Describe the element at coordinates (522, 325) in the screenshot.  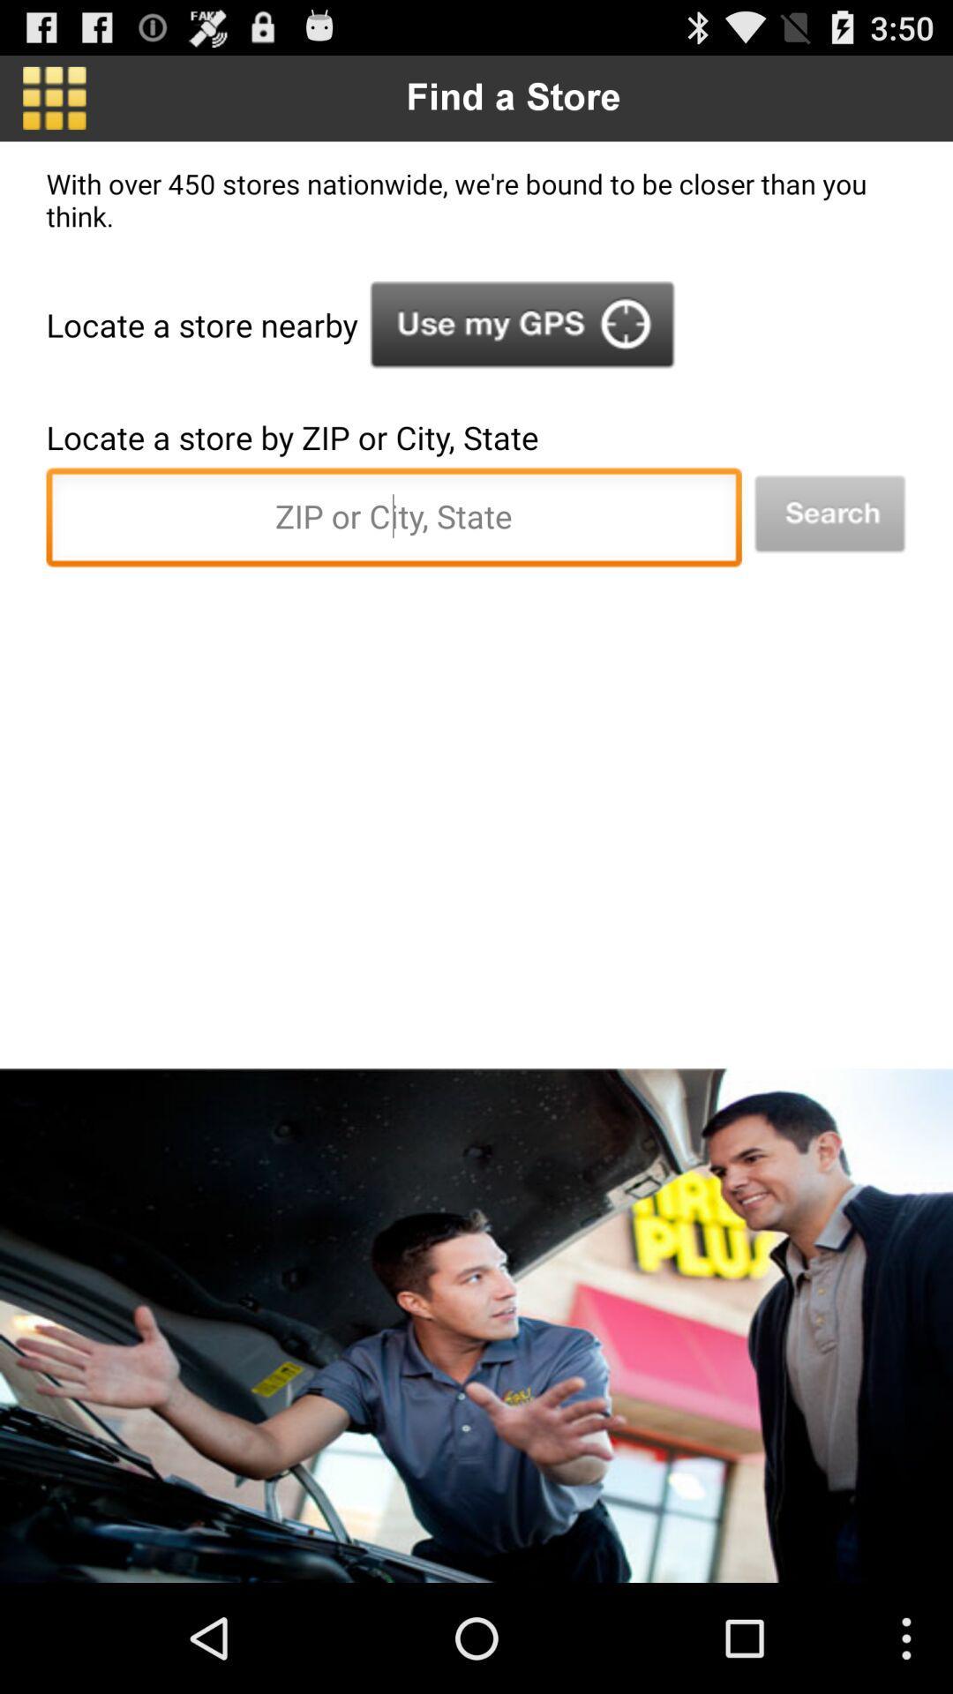
I see `the app below the with over 450 icon` at that location.